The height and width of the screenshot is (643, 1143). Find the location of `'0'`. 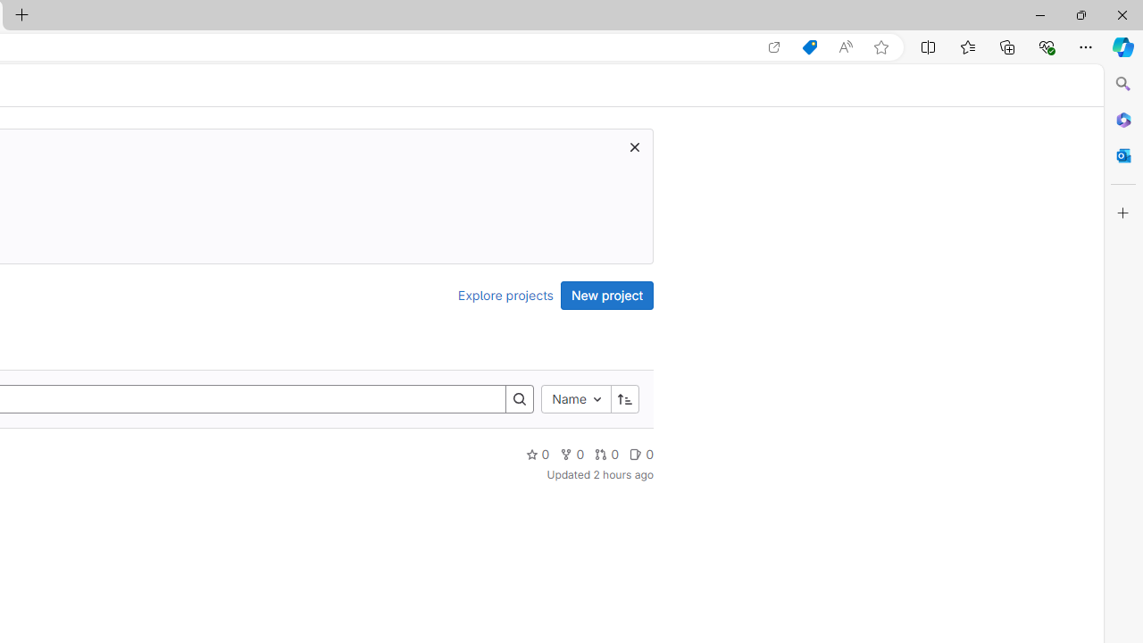

'0' is located at coordinates (641, 453).